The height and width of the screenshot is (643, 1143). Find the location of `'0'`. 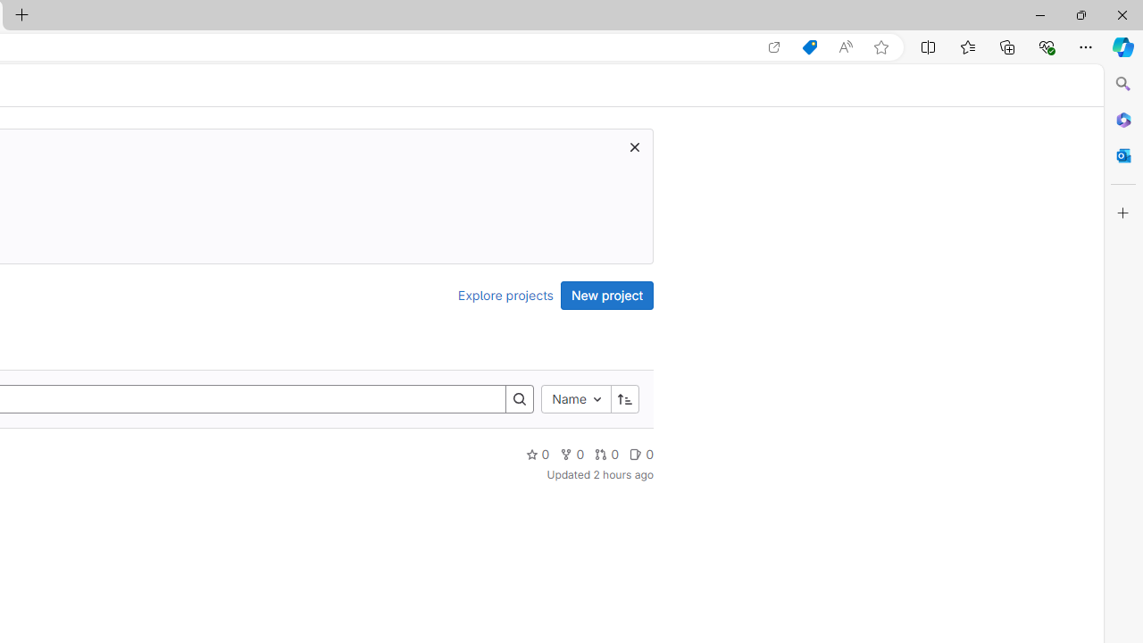

'0' is located at coordinates (641, 453).